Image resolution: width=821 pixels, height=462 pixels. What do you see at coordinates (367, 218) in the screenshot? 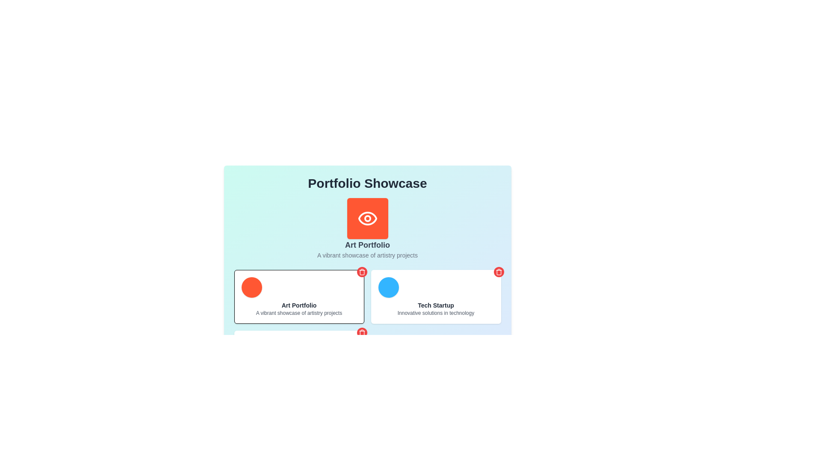
I see `the visual button-like component with a bright orange background and an eye icon, which is part of the 'Art Portfolio' section` at bounding box center [367, 218].